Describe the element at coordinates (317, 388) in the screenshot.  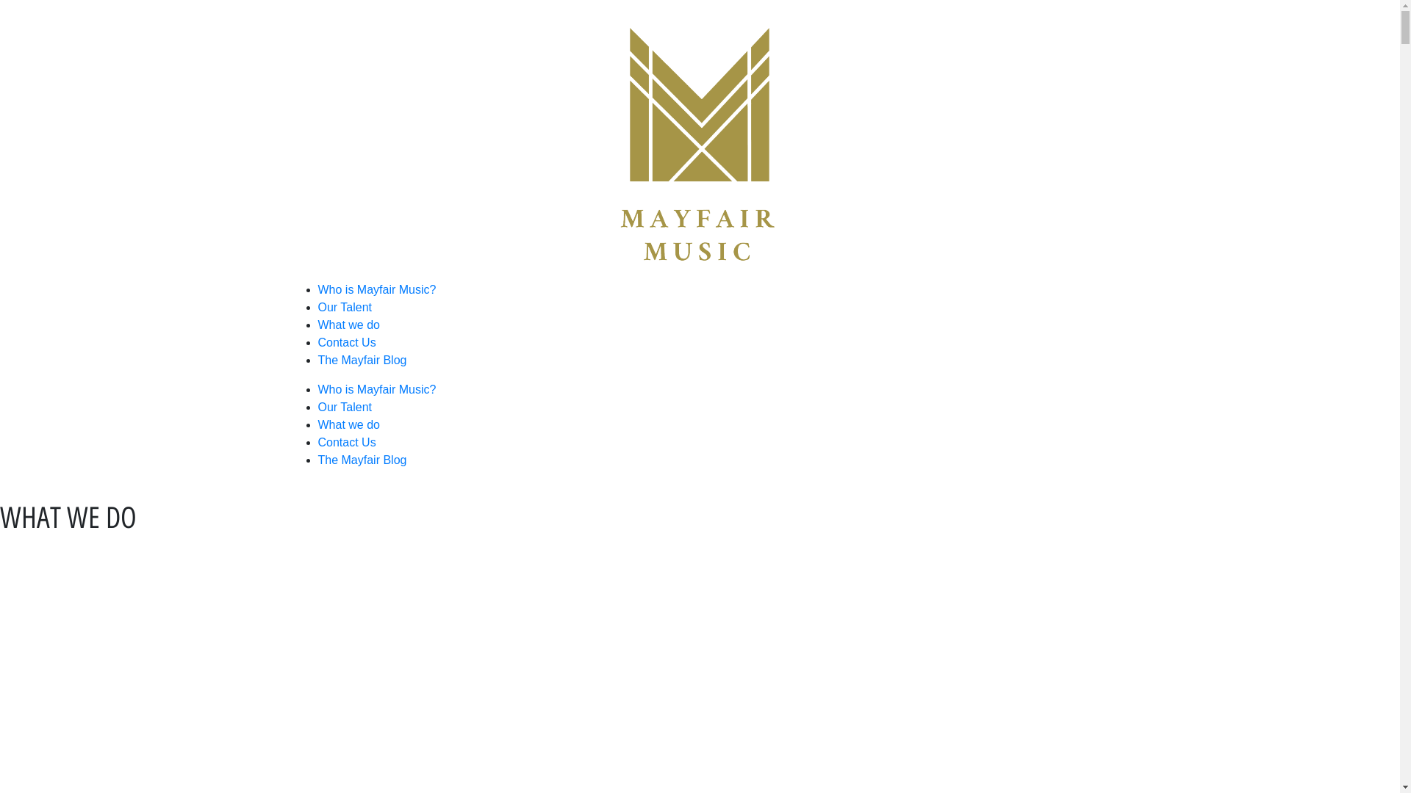
I see `'Who is Mayfair Music?'` at that location.